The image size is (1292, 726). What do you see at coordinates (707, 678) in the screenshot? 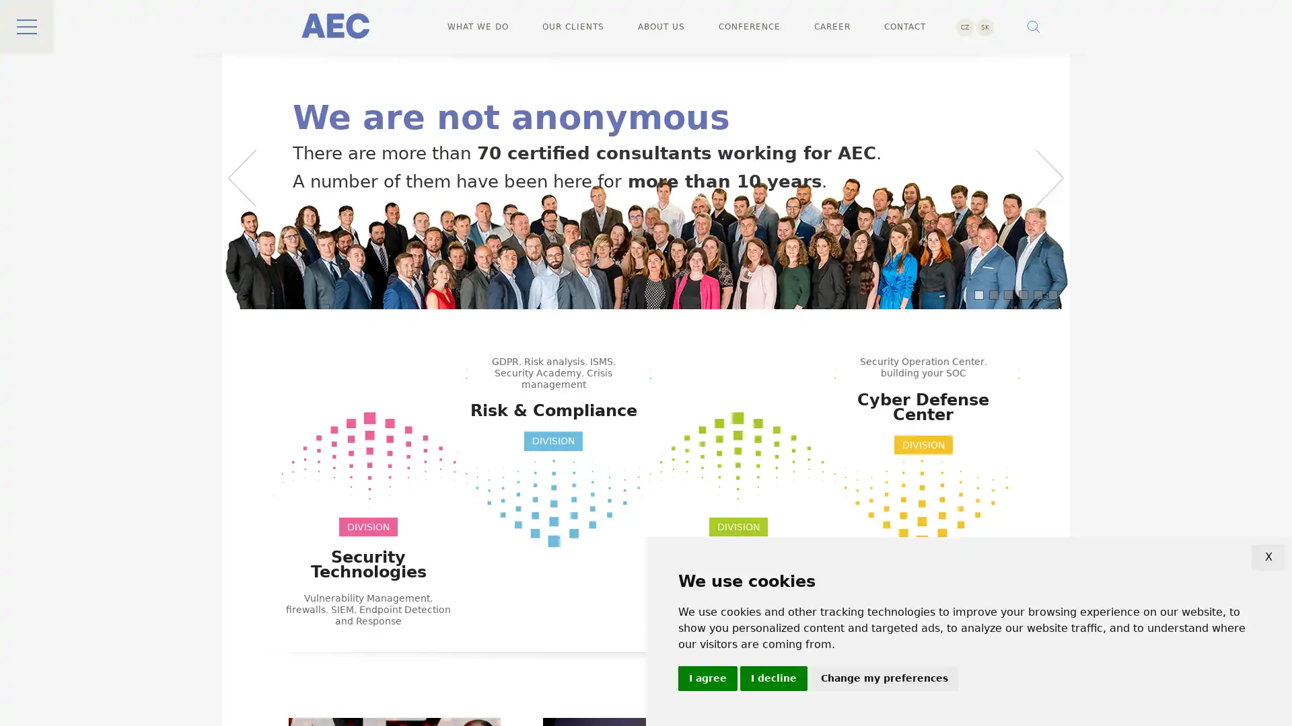
I see `I agree` at bounding box center [707, 678].